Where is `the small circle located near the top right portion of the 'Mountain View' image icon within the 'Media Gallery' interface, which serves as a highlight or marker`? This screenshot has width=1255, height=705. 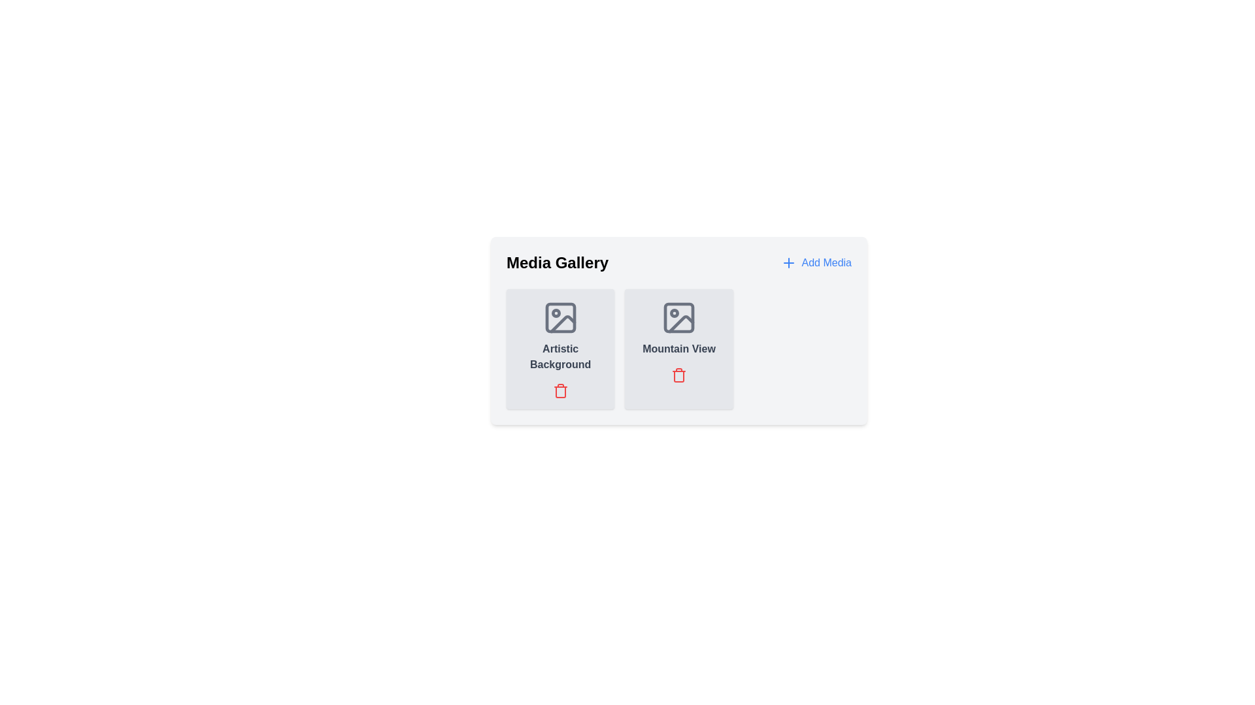 the small circle located near the top right portion of the 'Mountain View' image icon within the 'Media Gallery' interface, which serves as a highlight or marker is located at coordinates (675, 313).